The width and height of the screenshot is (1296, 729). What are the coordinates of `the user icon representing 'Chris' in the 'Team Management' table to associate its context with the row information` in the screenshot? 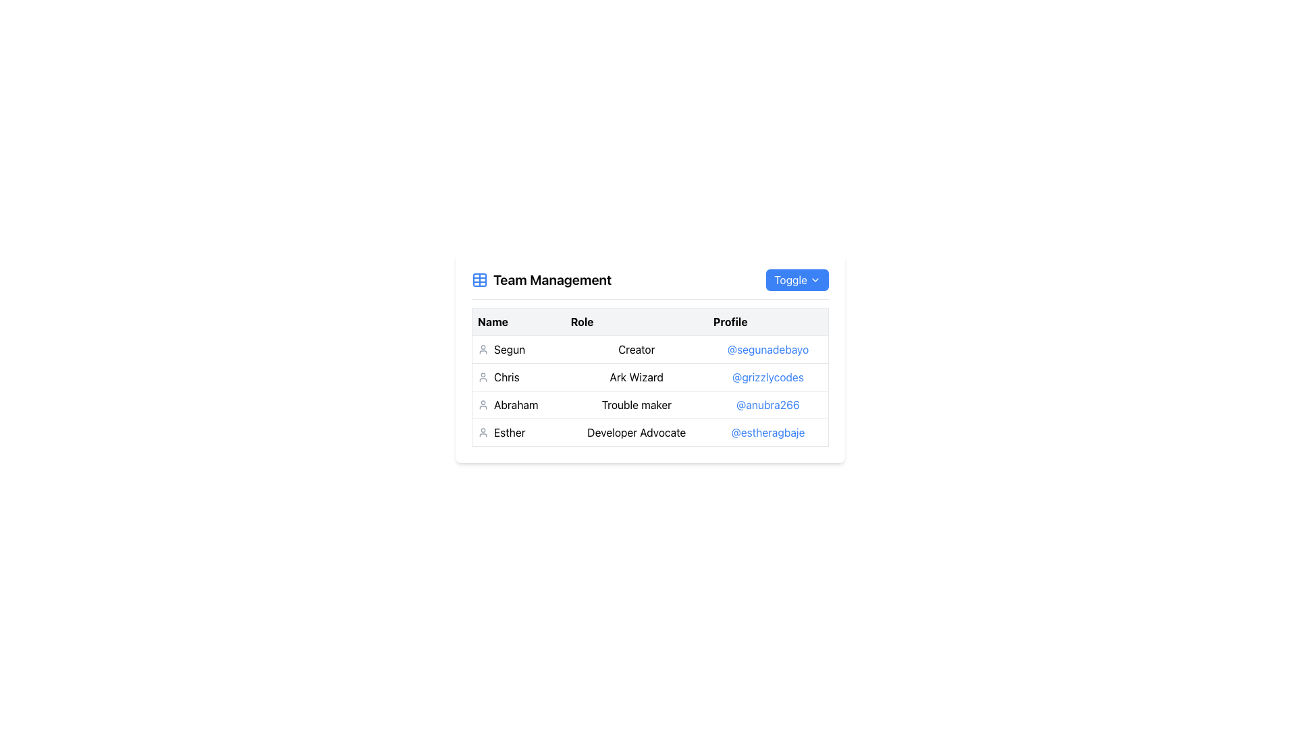 It's located at (483, 377).